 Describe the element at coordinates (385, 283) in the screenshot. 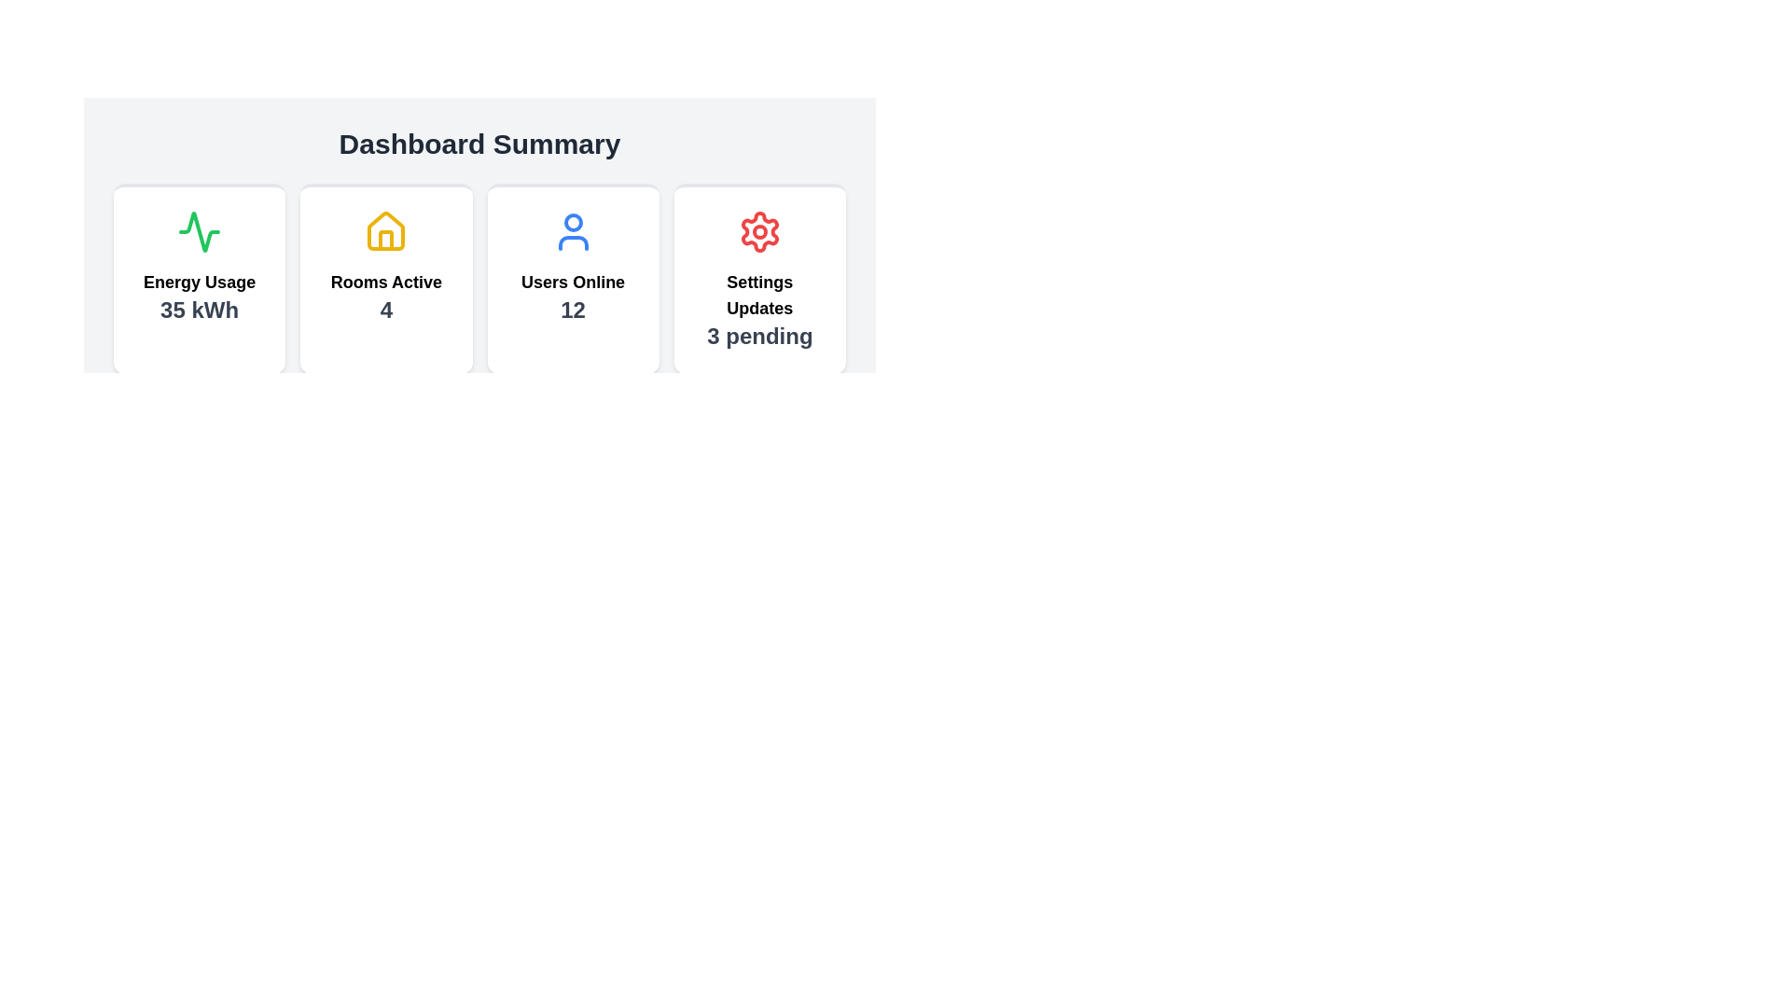

I see `the 'Rooms Active' text label that identifies the category within the dashboard, located in the second column of the card layout` at that location.